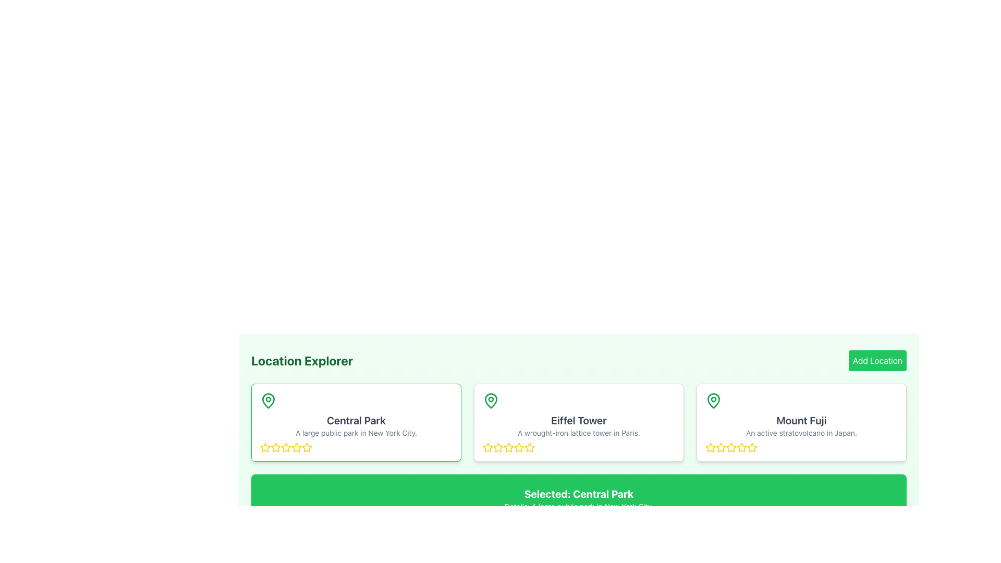  I want to click on the first SVG star icon in the rating section of the 'Central Park' card under the 'Location Explorer' heading, so click(275, 447).